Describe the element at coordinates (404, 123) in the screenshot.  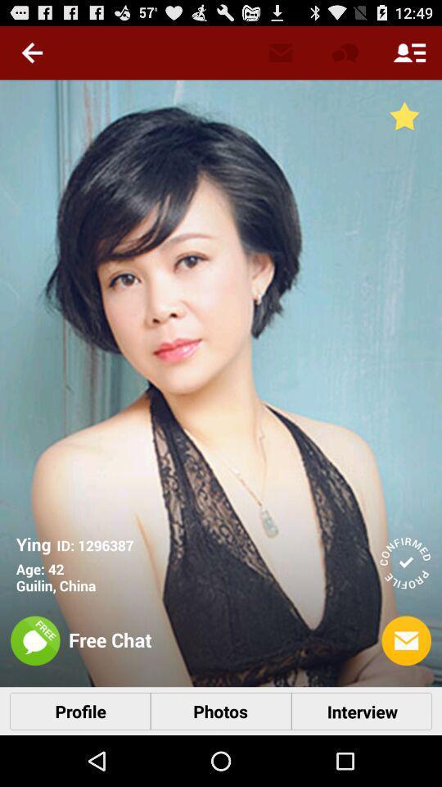
I see `the star icon` at that location.